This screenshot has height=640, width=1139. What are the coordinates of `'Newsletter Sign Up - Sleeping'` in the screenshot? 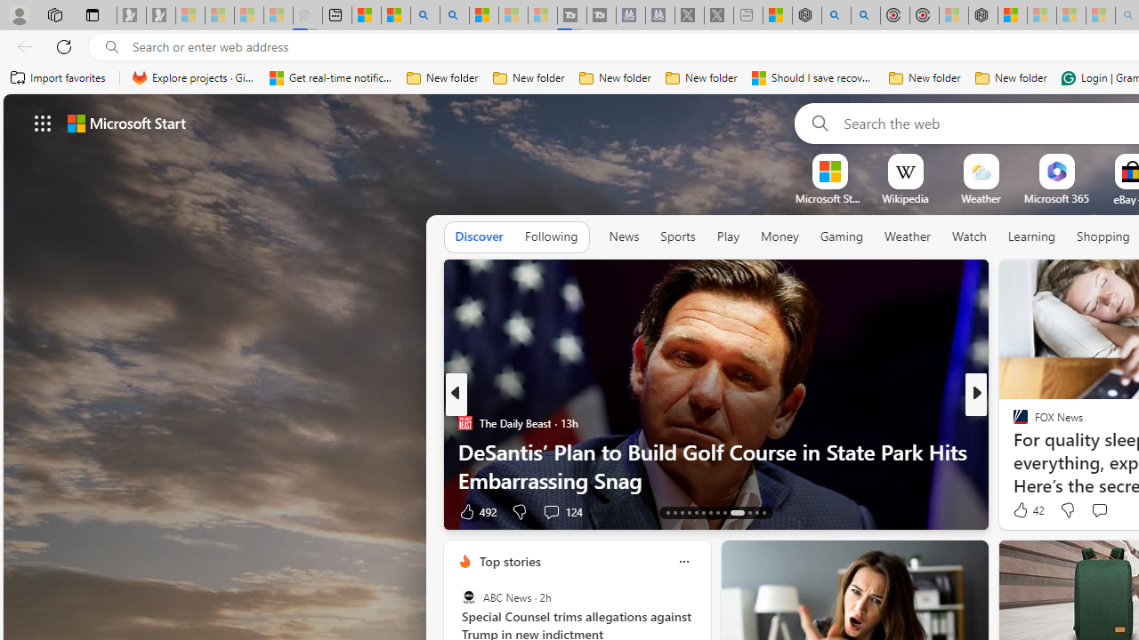 It's located at (161, 15).